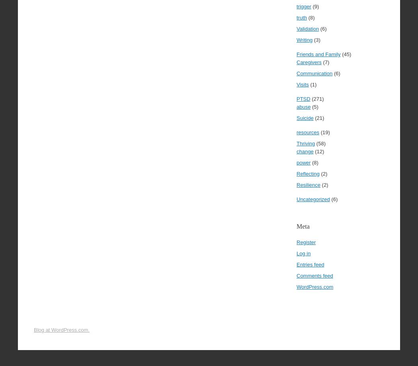 The image size is (418, 366). I want to click on '(45)', so click(345, 54).